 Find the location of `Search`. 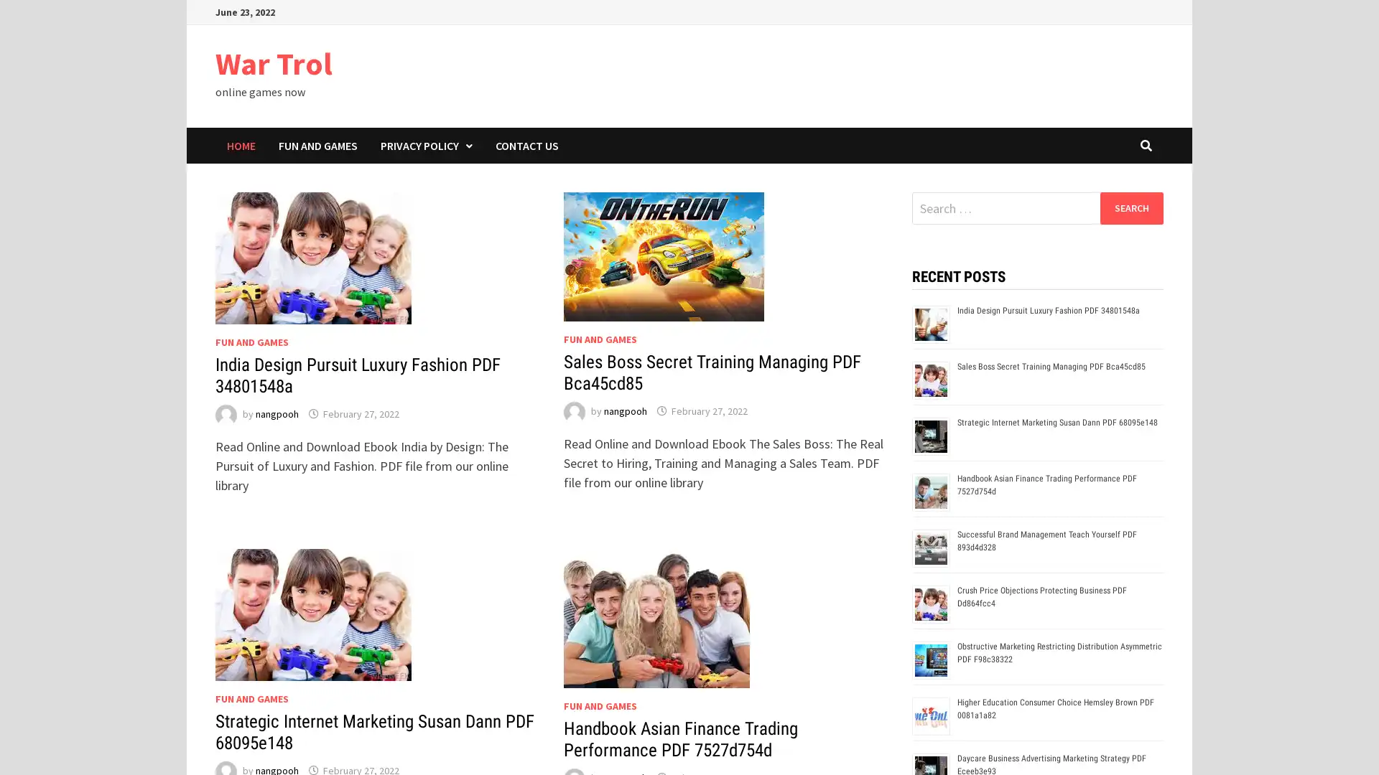

Search is located at coordinates (1130, 207).